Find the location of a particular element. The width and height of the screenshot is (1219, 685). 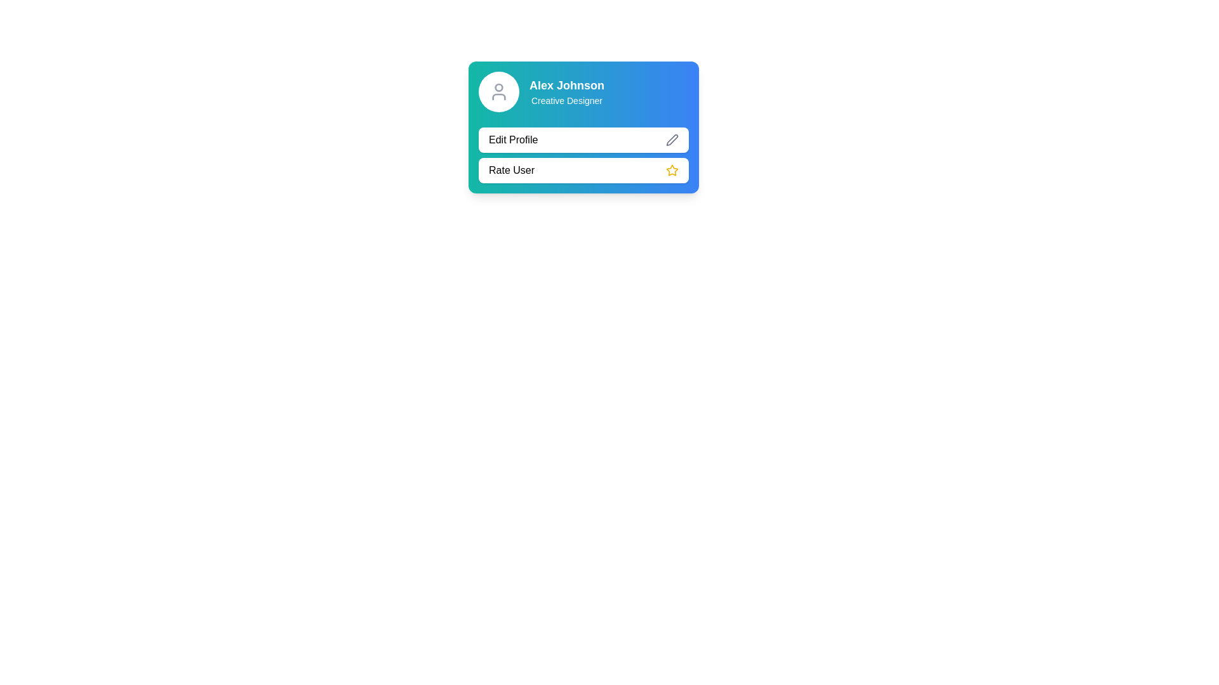

the yellow star icon located to the right of the 'Rate User' label is located at coordinates (672, 170).